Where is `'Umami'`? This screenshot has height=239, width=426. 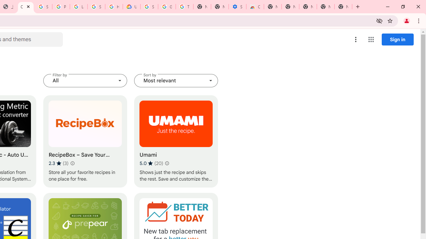 'Umami' is located at coordinates (176, 141).